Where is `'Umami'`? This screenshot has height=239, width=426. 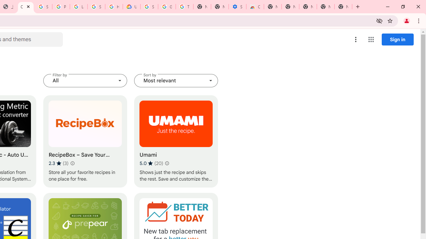 'Umami' is located at coordinates (176, 141).